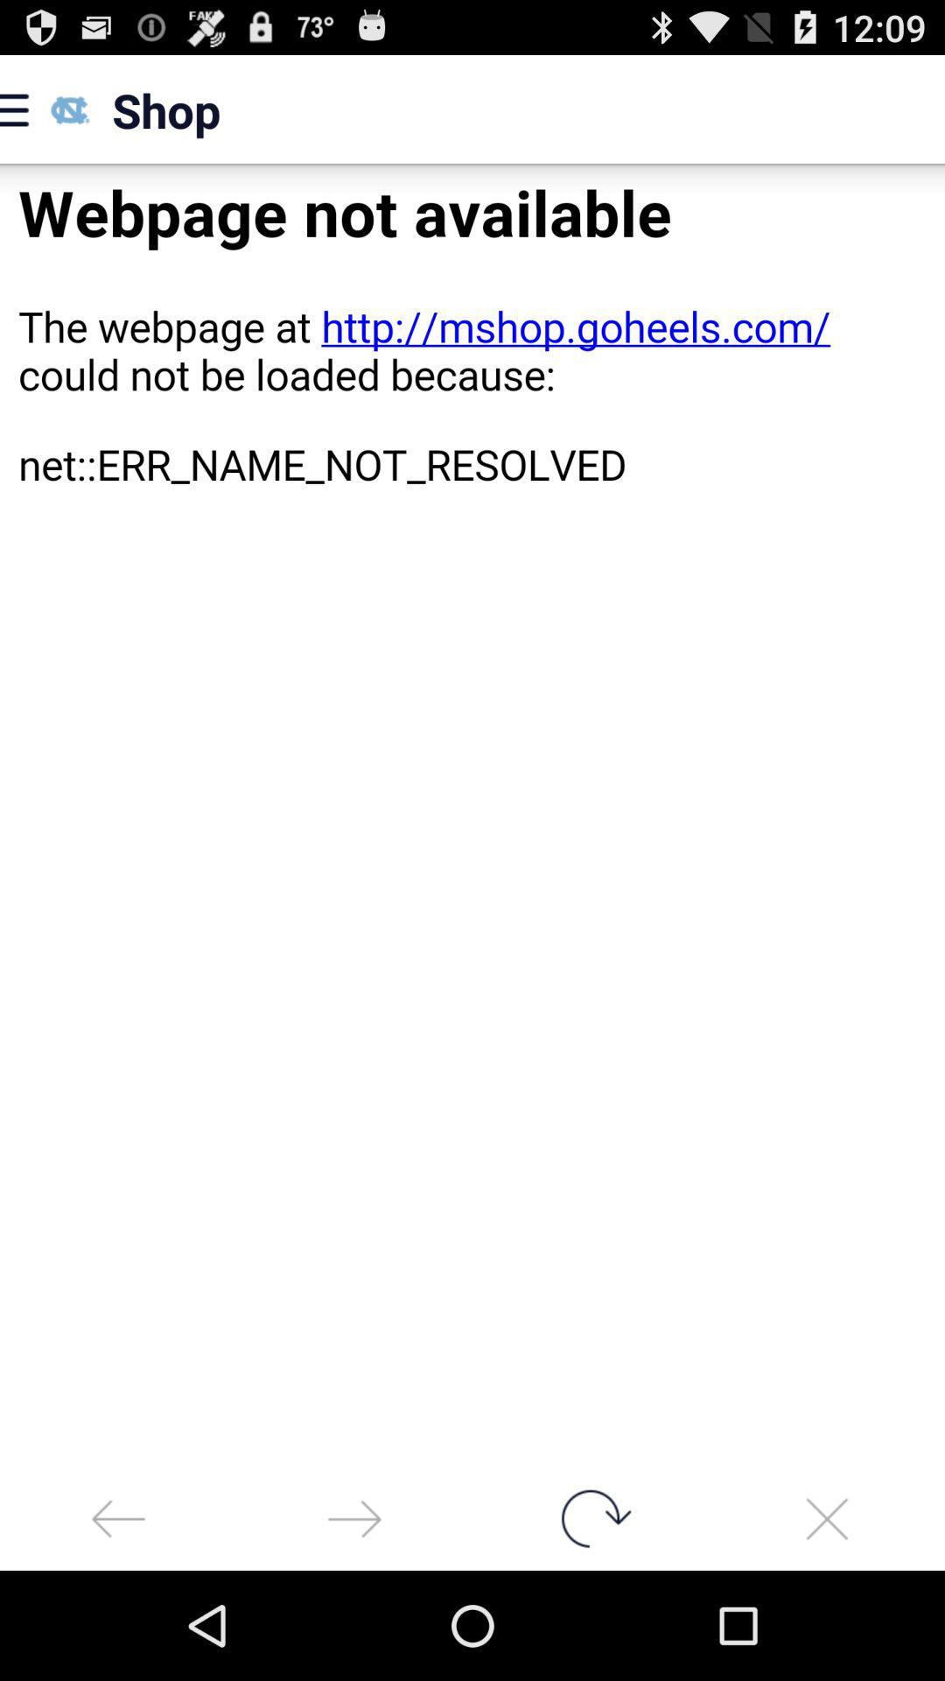  I want to click on the arrow_backward icon, so click(118, 1624).